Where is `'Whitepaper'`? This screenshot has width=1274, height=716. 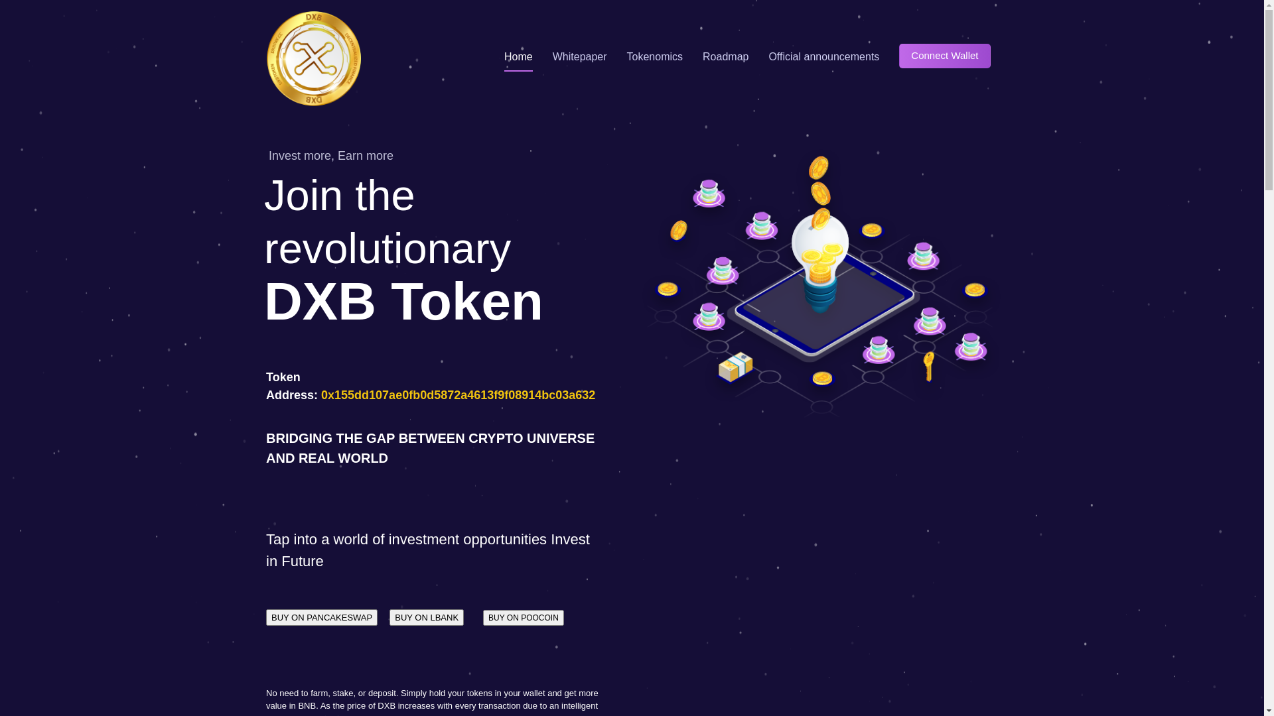 'Whitepaper' is located at coordinates (579, 57).